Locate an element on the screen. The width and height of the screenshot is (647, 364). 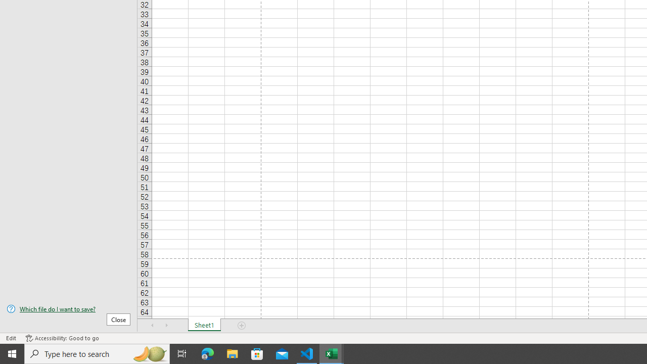
'Visual Studio Code - 1 running window' is located at coordinates (306, 353).